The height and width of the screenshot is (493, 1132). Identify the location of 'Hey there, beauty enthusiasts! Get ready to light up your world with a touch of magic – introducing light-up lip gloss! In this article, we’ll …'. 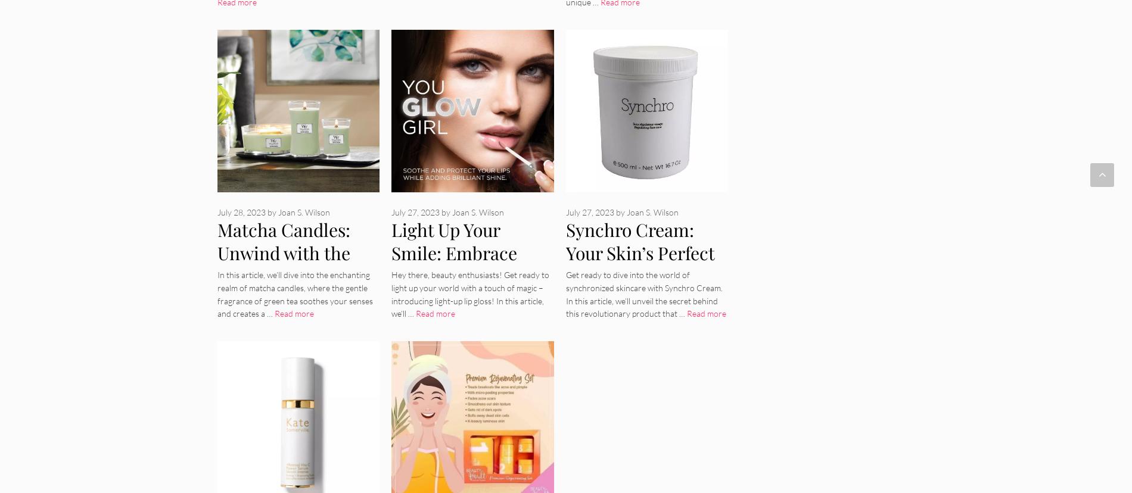
(469, 294).